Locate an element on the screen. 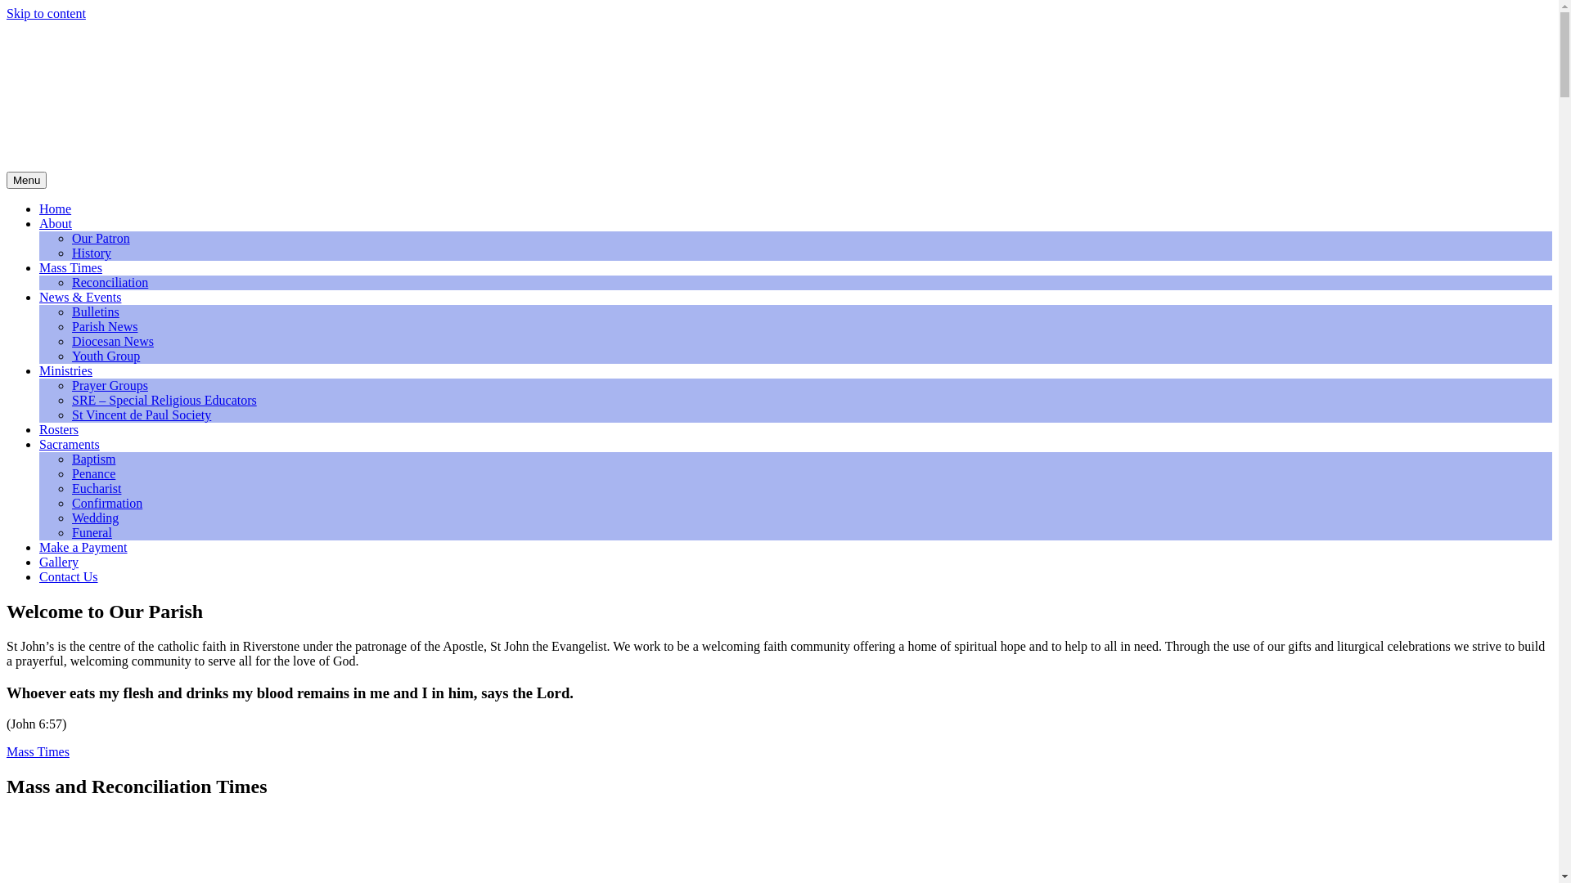 This screenshot has height=883, width=1571. 'Bulletins' is located at coordinates (94, 312).